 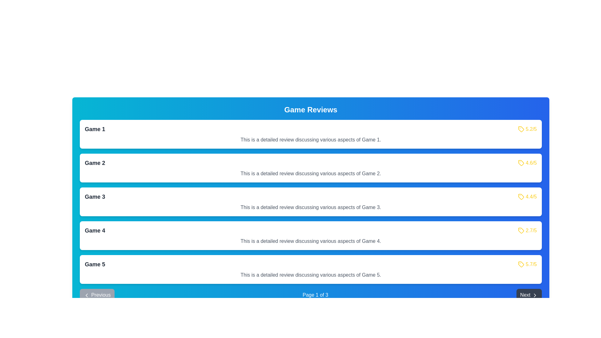 What do you see at coordinates (527, 230) in the screenshot?
I see `the rating score label with an icon for 'Game 4', which is located on the far right of the row labeled 'Game 4'` at bounding box center [527, 230].